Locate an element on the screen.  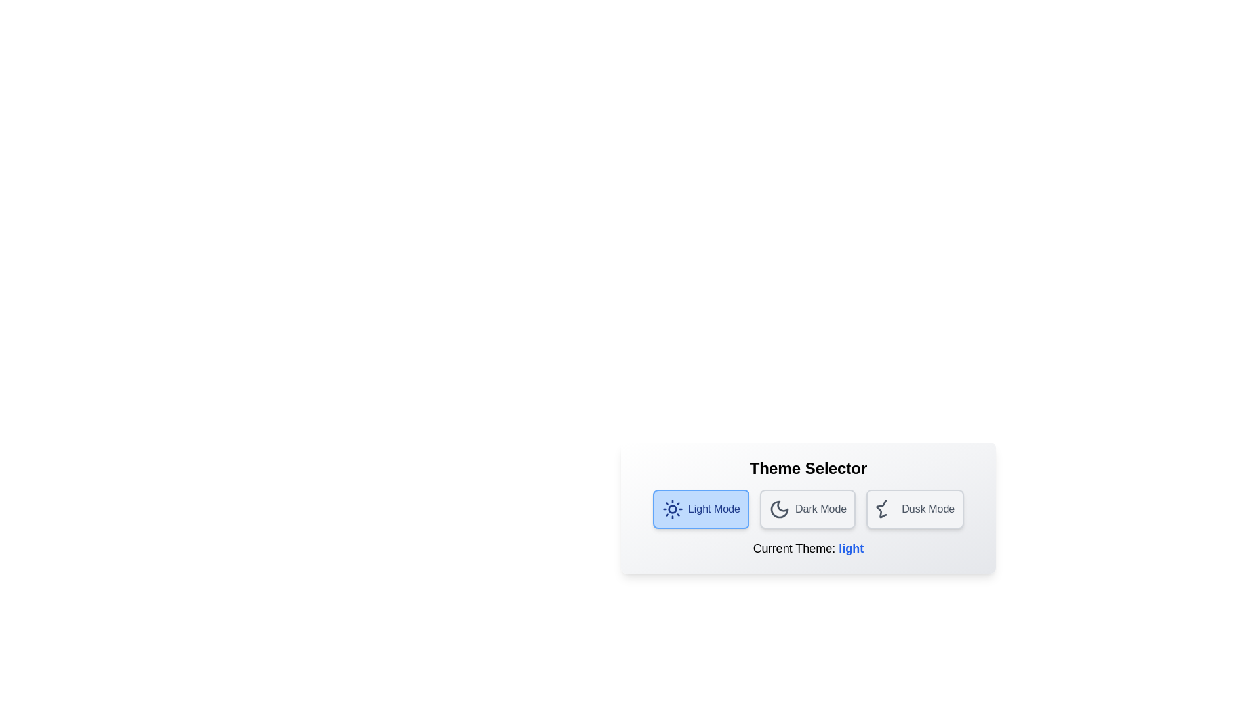
the heading text 'Theme Selector' to select or highlight it is located at coordinates (808, 467).